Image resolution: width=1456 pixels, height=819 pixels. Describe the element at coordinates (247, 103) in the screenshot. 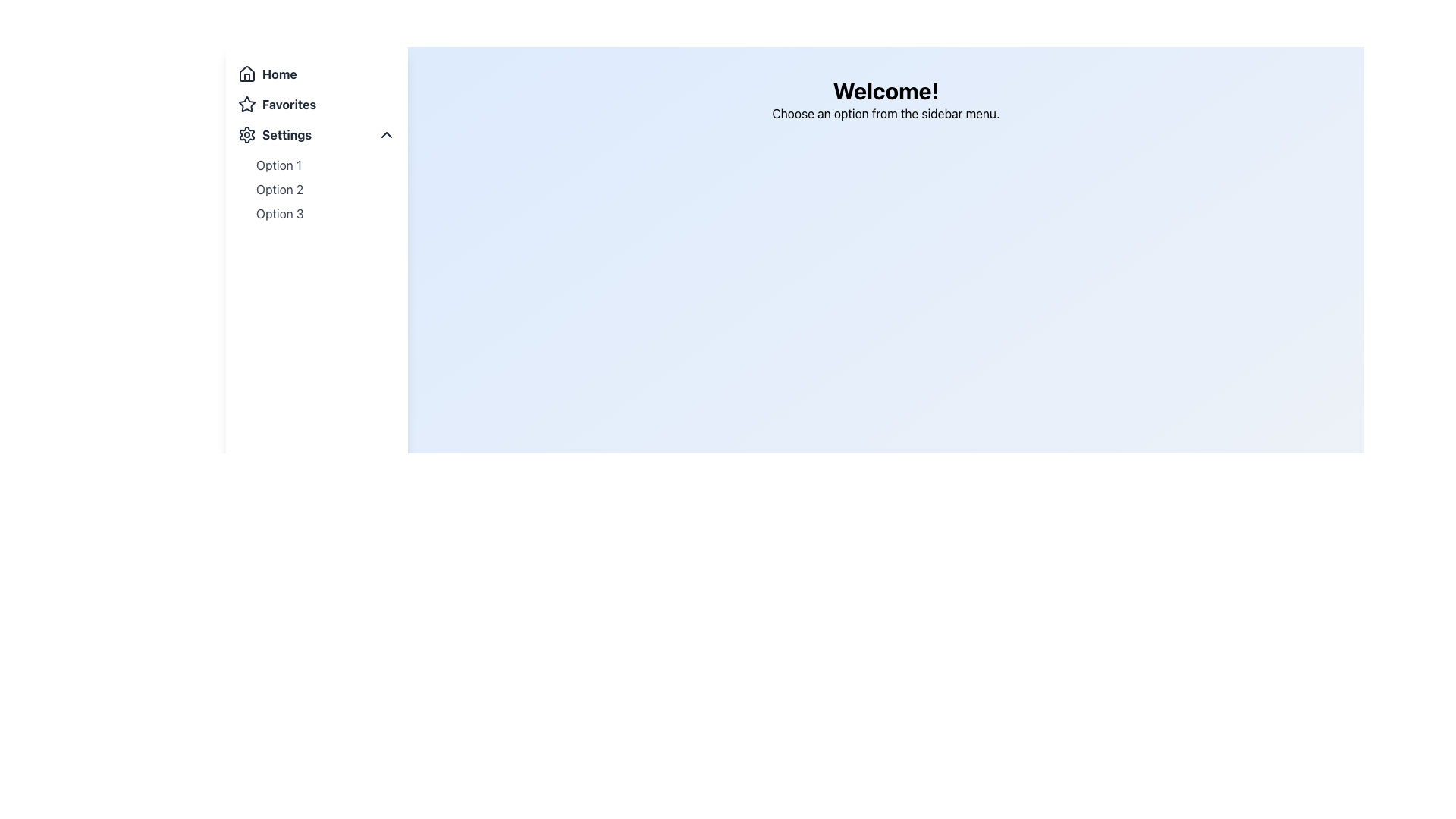

I see `the 'Favorites' icon located in the sidebar, positioned below 'Home' and above 'Settings'` at that location.